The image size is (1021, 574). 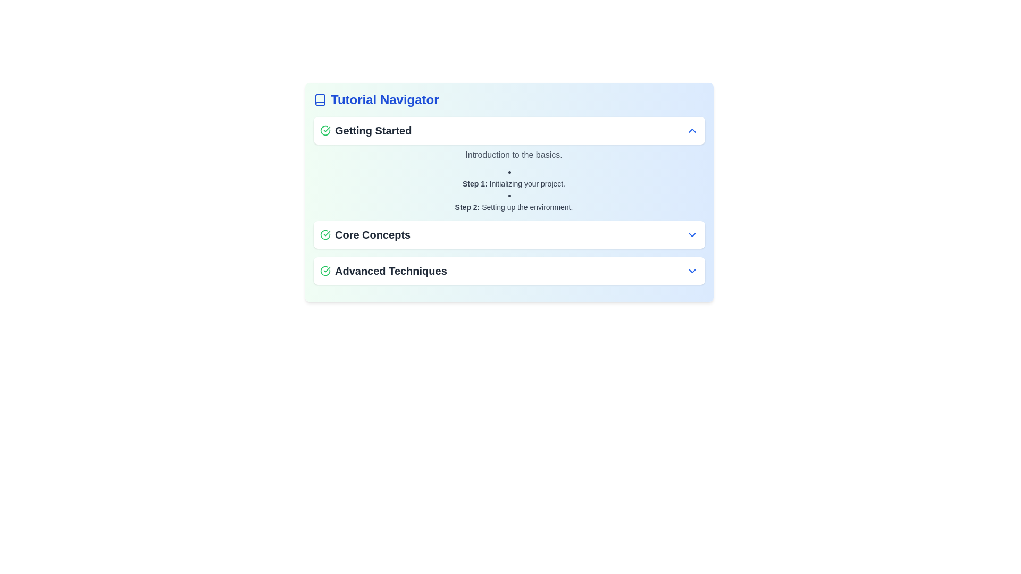 What do you see at coordinates (514, 207) in the screenshot?
I see `the text element that describes the second step in the tutorial sequence, located in the 'Getting Started' section, between 'Step 1: Initializing your project.' and 'Core Concepts.'` at bounding box center [514, 207].